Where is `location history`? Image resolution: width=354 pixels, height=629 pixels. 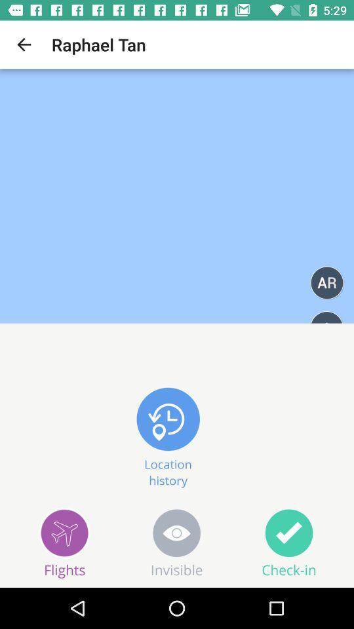 location history is located at coordinates (168, 435).